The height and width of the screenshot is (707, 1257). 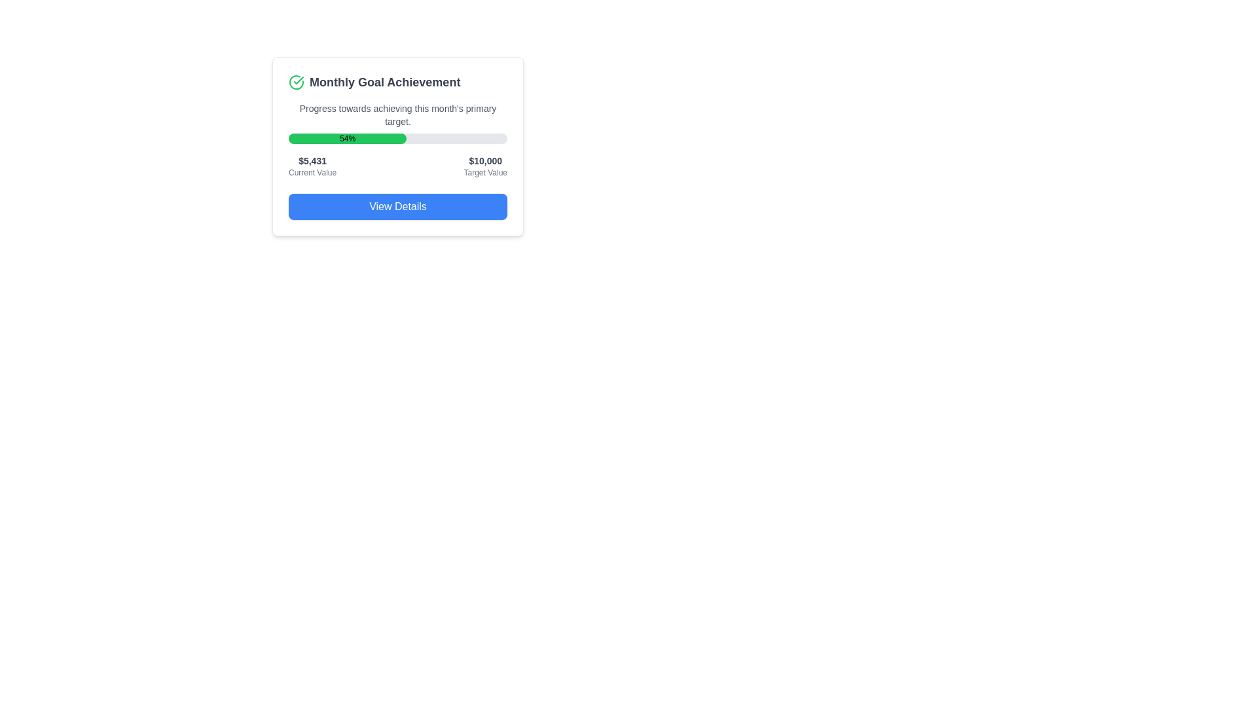 I want to click on the button located at the bottom of the monthly goals card, so click(x=397, y=206).